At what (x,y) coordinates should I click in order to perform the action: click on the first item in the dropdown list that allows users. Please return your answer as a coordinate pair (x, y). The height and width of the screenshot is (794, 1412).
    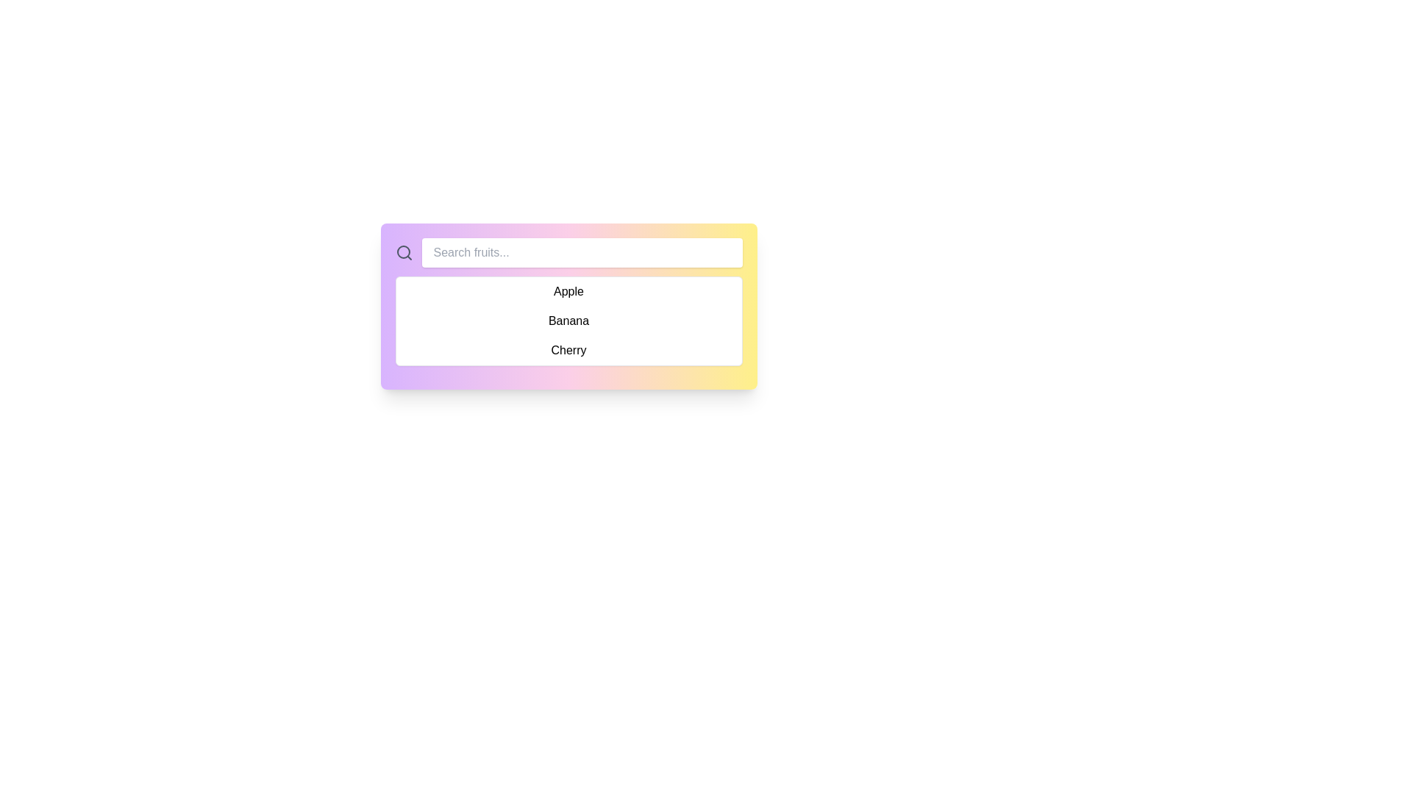
    Looking at the image, I should click on (568, 292).